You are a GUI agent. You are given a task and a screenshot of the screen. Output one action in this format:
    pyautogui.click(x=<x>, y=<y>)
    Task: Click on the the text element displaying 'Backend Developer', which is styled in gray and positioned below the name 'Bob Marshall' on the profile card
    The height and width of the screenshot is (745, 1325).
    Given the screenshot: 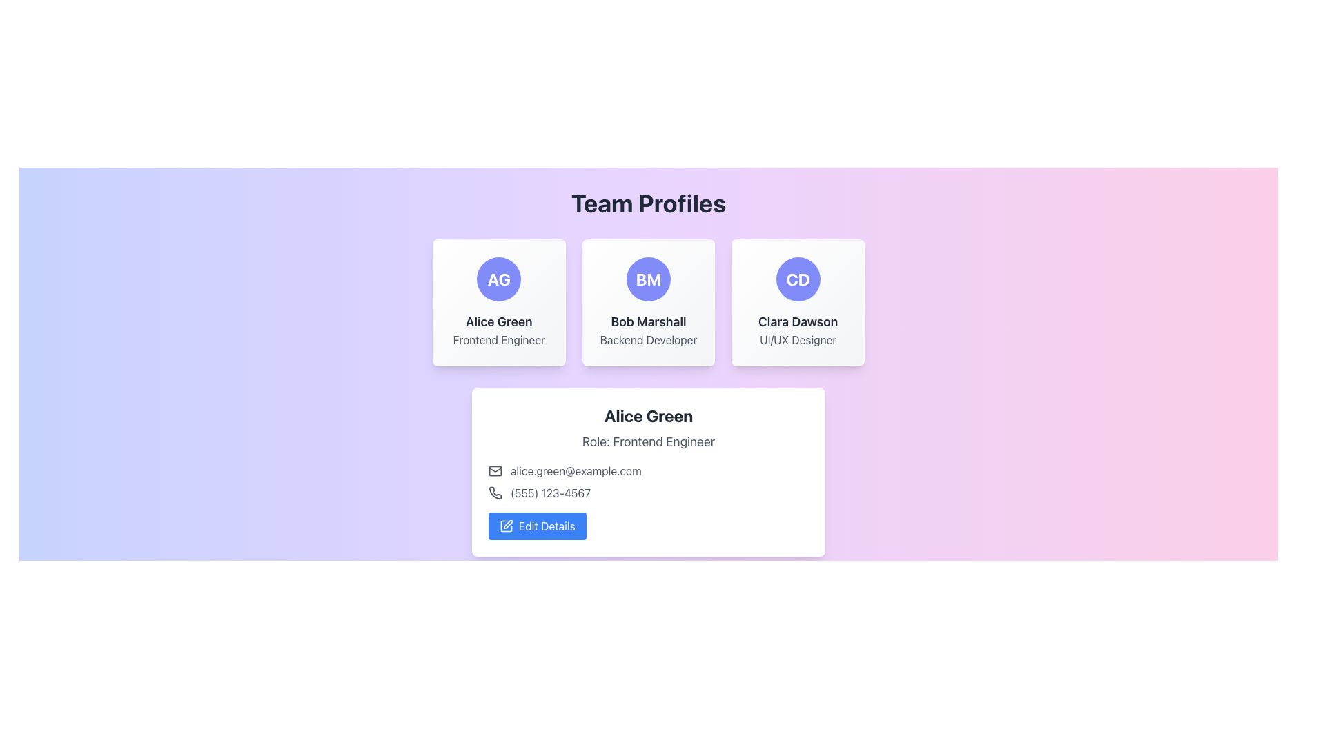 What is the action you would take?
    pyautogui.click(x=648, y=340)
    